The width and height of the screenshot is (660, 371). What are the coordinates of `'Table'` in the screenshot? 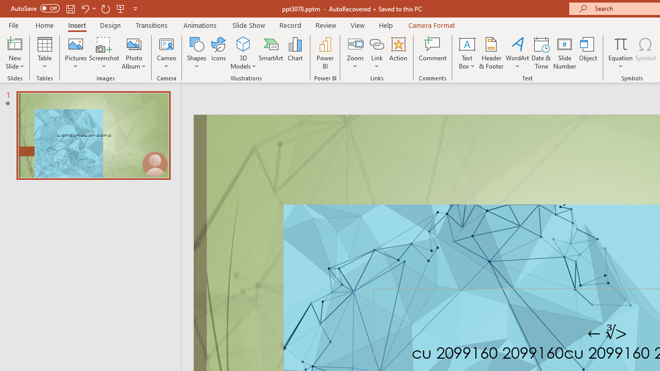 It's located at (44, 53).